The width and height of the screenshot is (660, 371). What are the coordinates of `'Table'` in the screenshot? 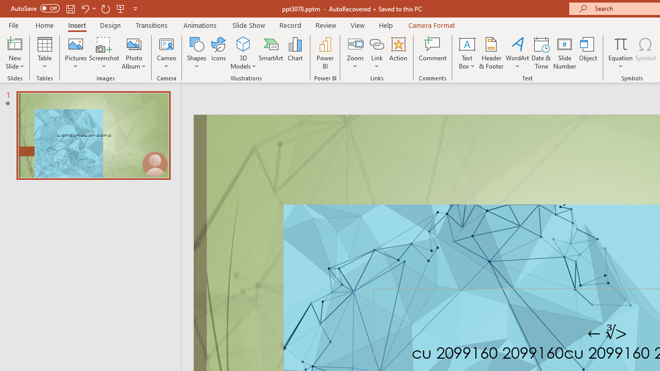 It's located at (44, 53).